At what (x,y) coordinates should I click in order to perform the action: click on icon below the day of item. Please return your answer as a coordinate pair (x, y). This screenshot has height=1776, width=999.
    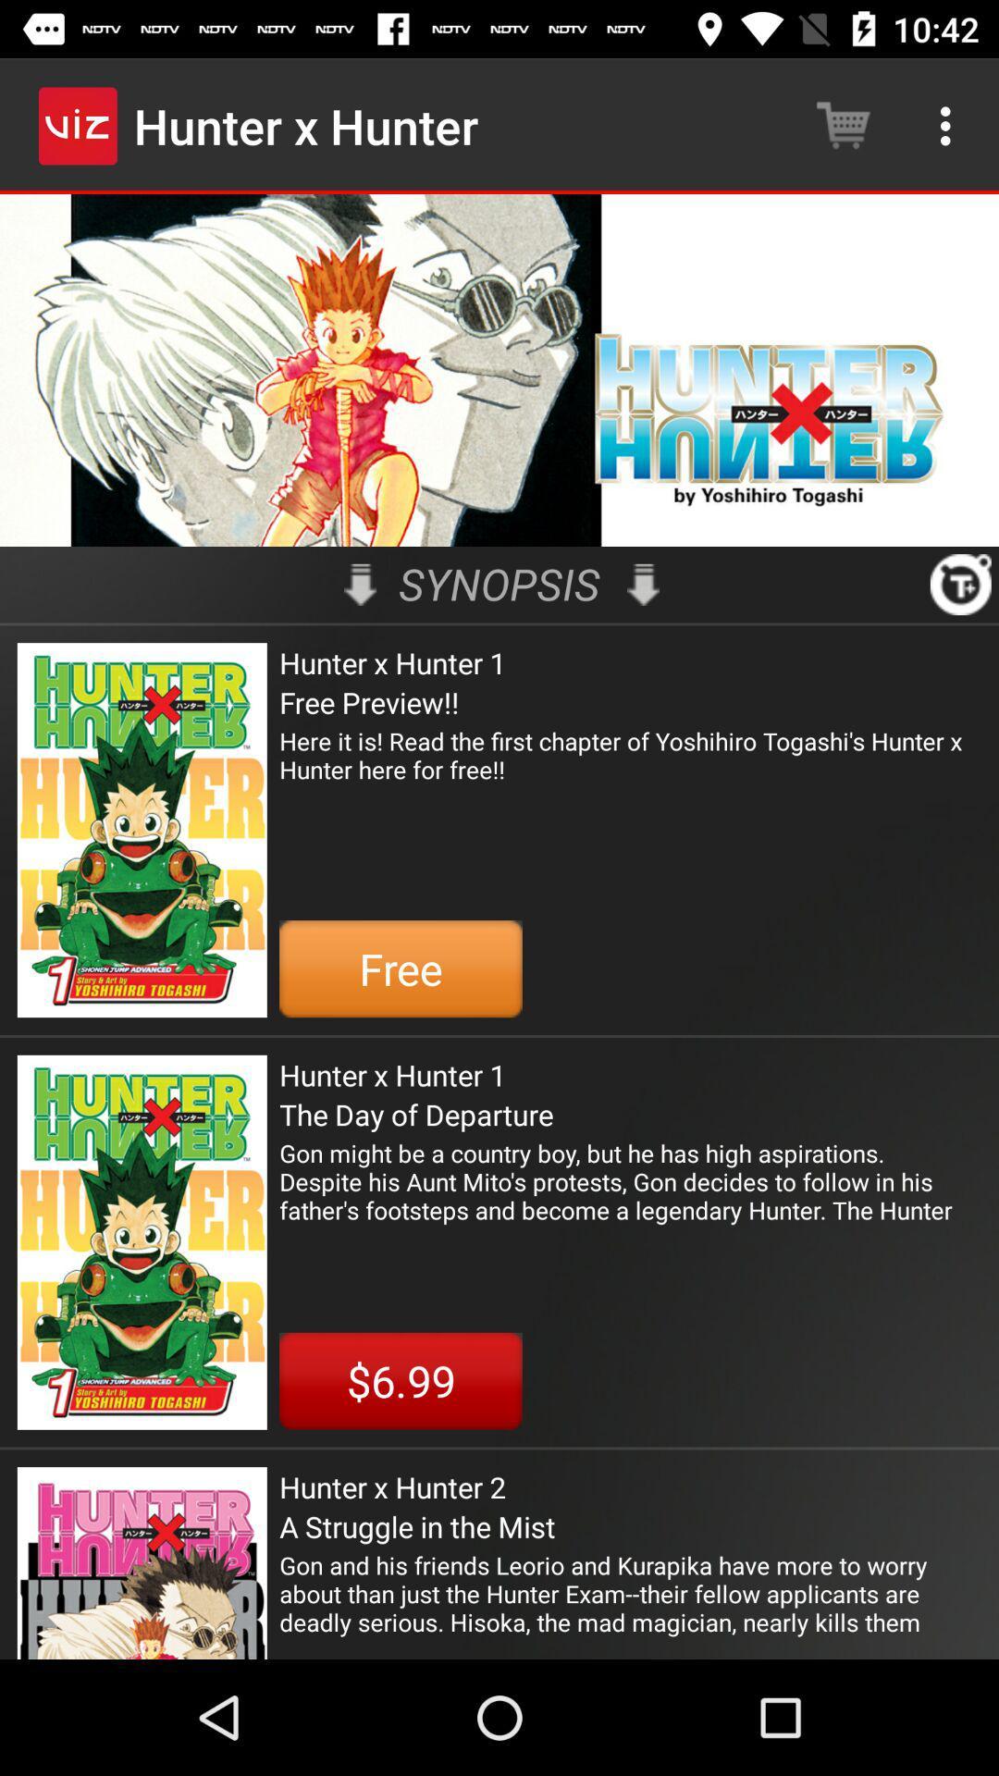
    Looking at the image, I should click on (629, 1180).